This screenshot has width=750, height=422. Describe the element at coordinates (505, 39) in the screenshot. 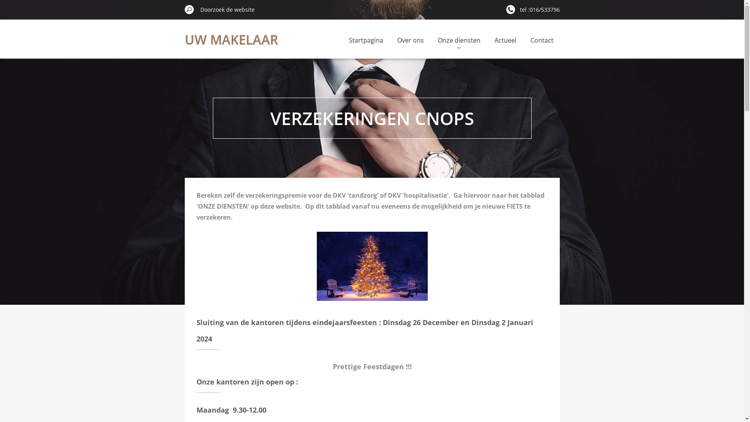

I see `'Actueel'` at that location.